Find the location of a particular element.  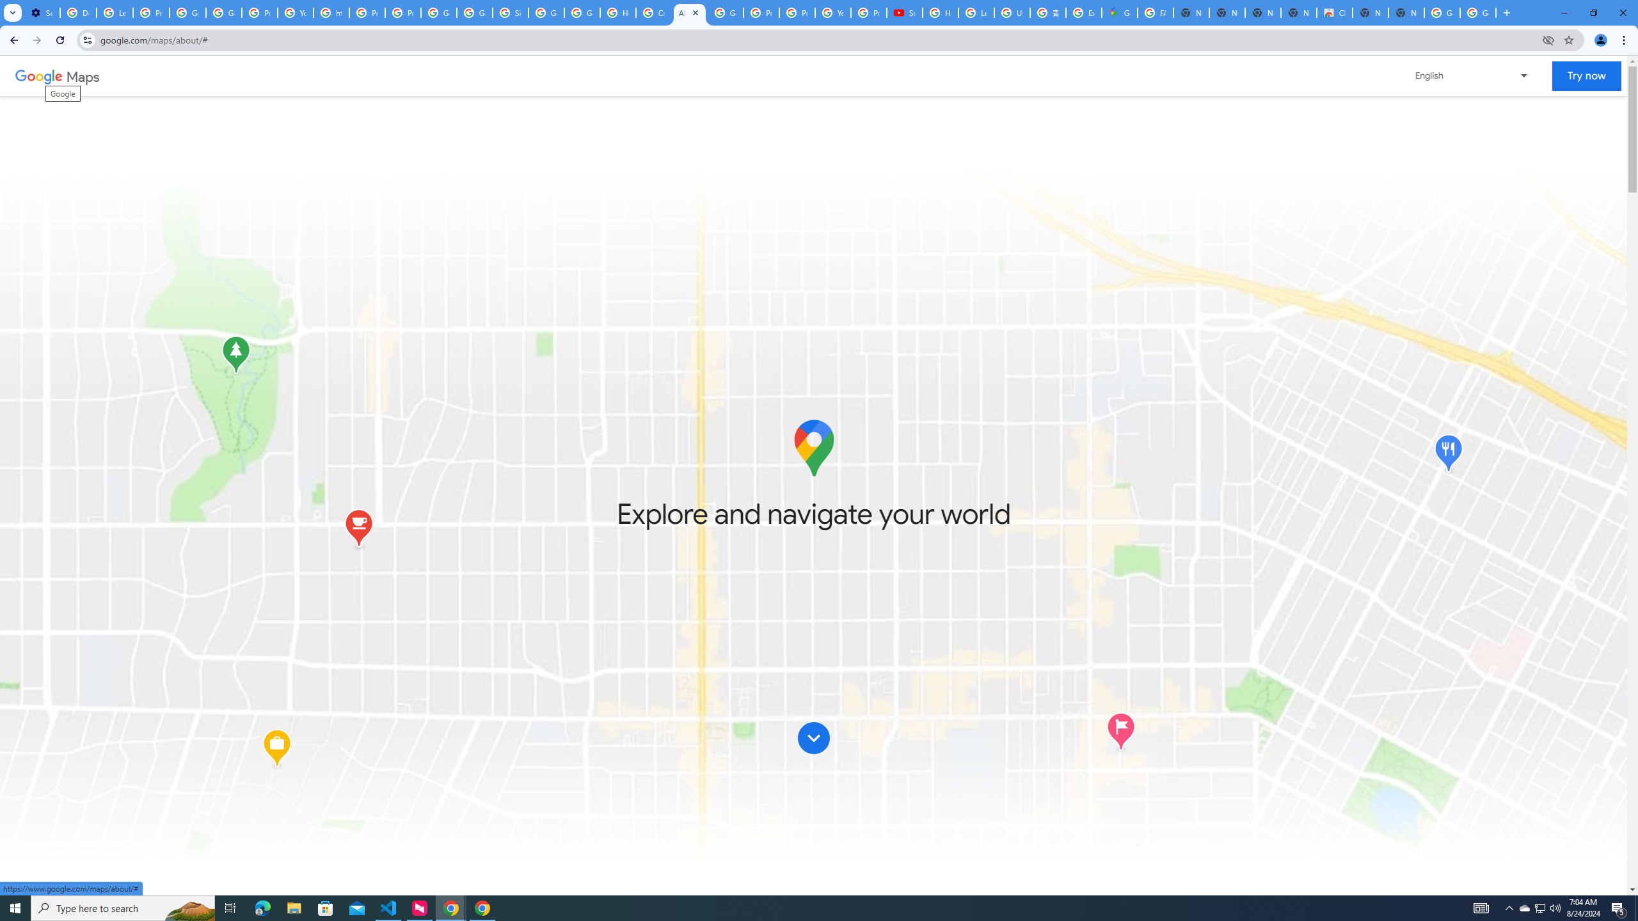

'Privacy Help Center - Policies Help' is located at coordinates (761, 12).